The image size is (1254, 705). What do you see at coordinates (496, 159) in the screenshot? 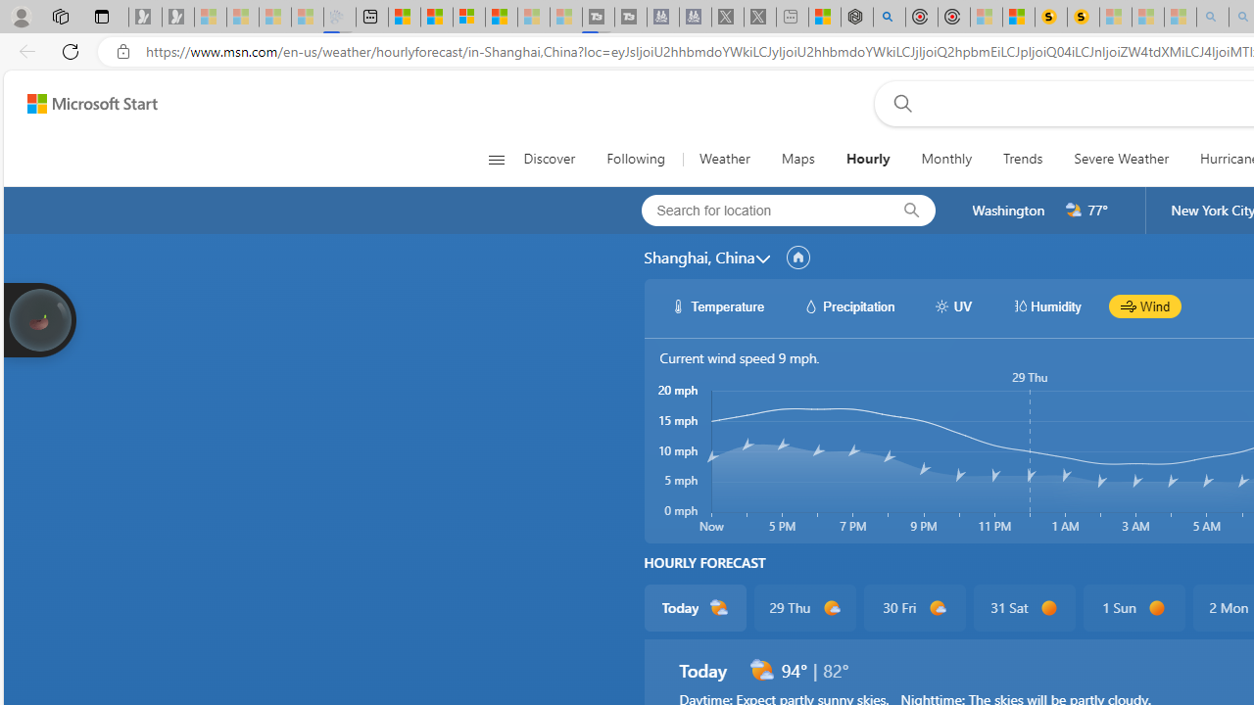
I see `'Class: button-glyph'` at bounding box center [496, 159].